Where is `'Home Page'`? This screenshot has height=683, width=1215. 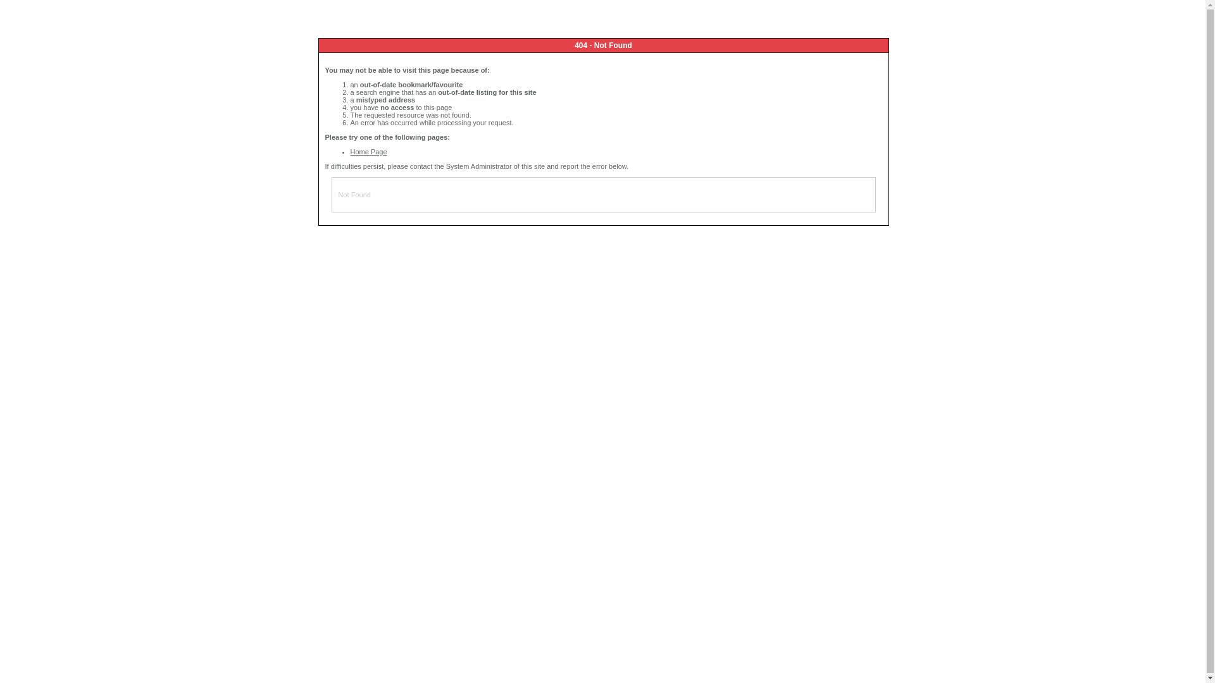 'Home Page' is located at coordinates (368, 151).